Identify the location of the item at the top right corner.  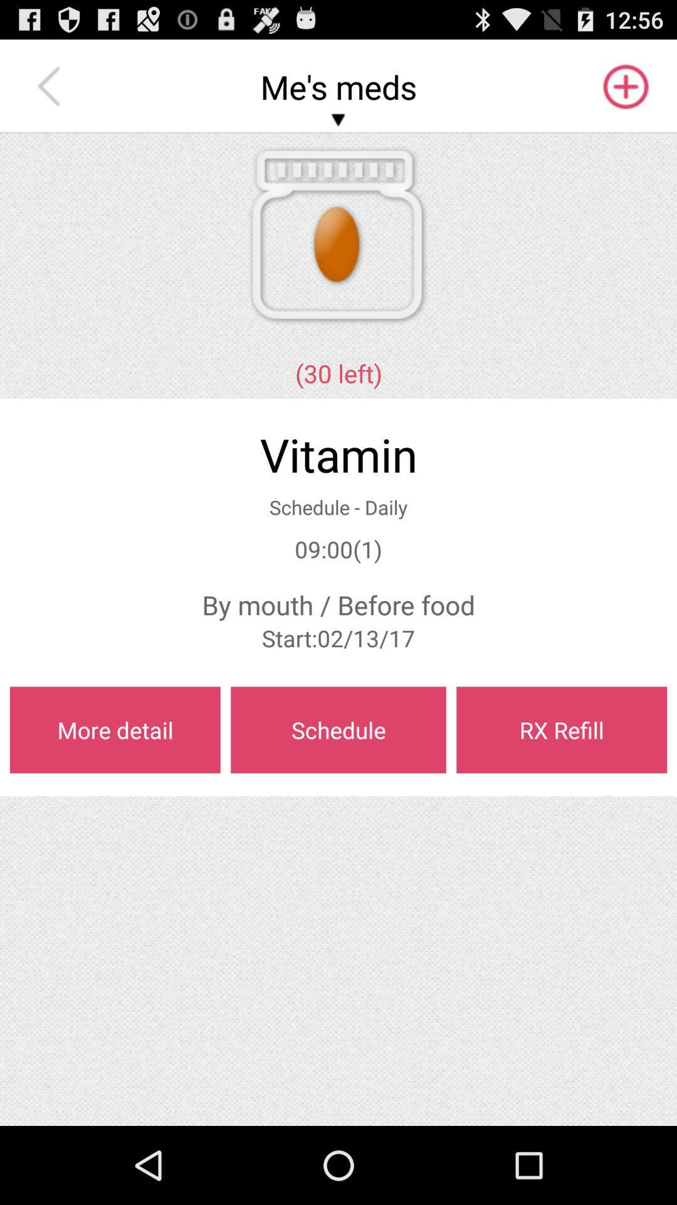
(624, 86).